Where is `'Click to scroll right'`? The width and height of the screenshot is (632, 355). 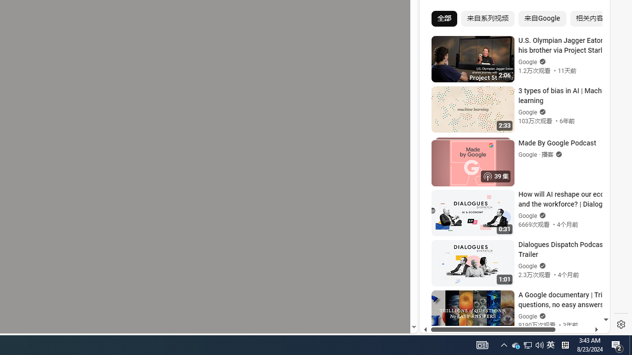
'Click to scroll right' is located at coordinates (591, 40).